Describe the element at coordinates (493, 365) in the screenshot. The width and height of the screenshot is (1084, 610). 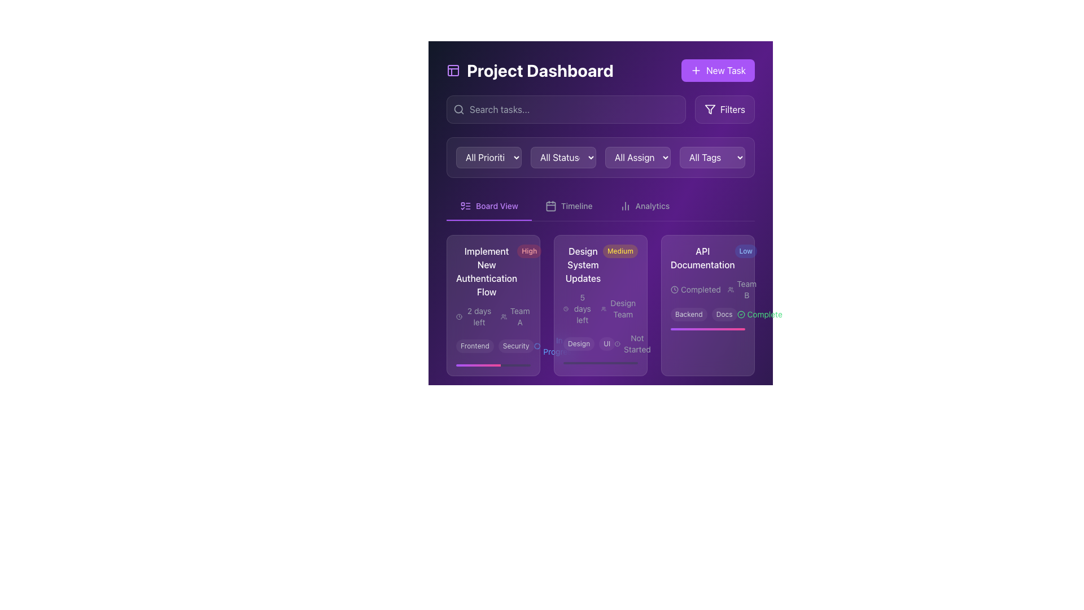
I see `the progress bar located in the lower part of the 'Implement New Authentication Flow' card on the Project Dashboard` at that location.